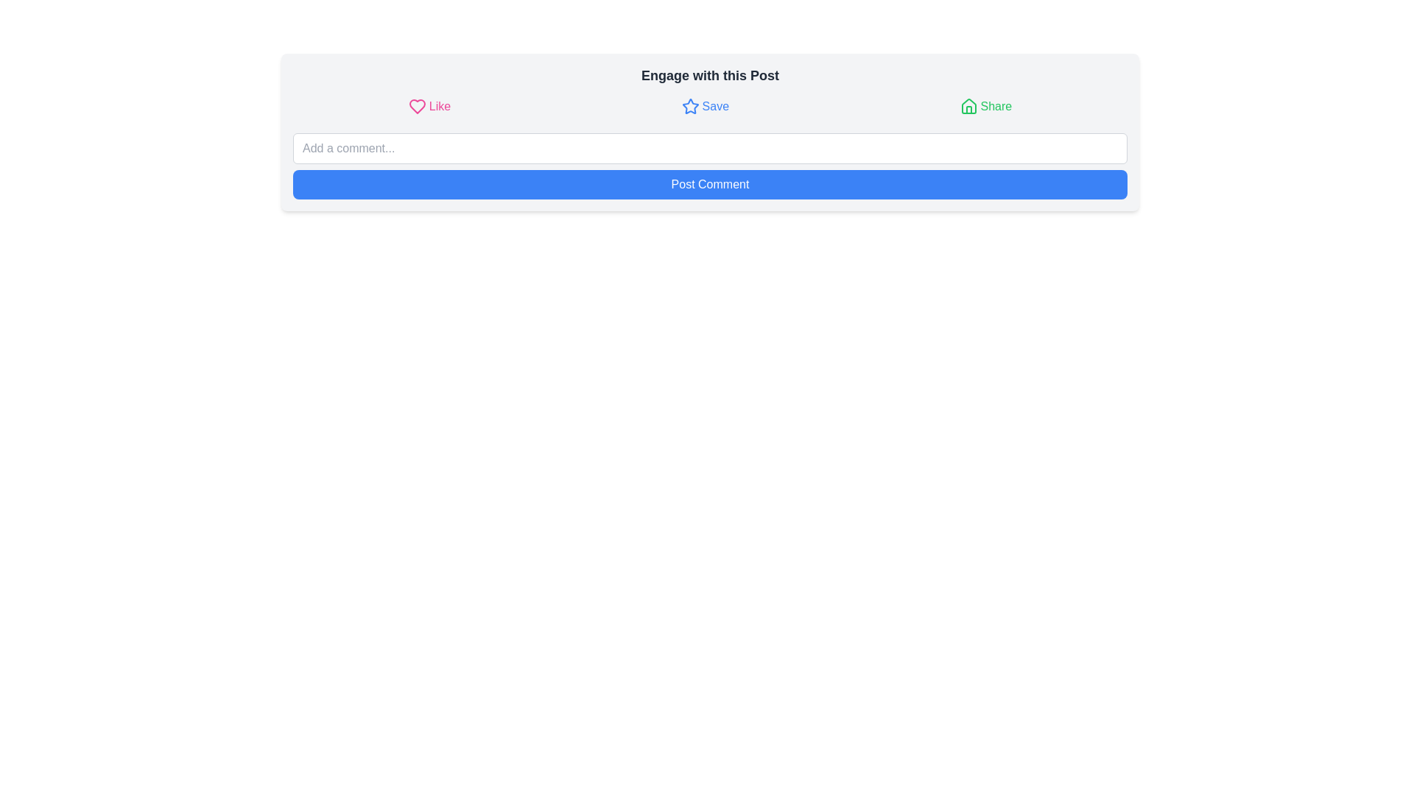 The height and width of the screenshot is (795, 1414). I want to click on the 'Like' button, which features a pink heart icon and is the first in a horizontal row of buttons at the top of the component, so click(429, 106).